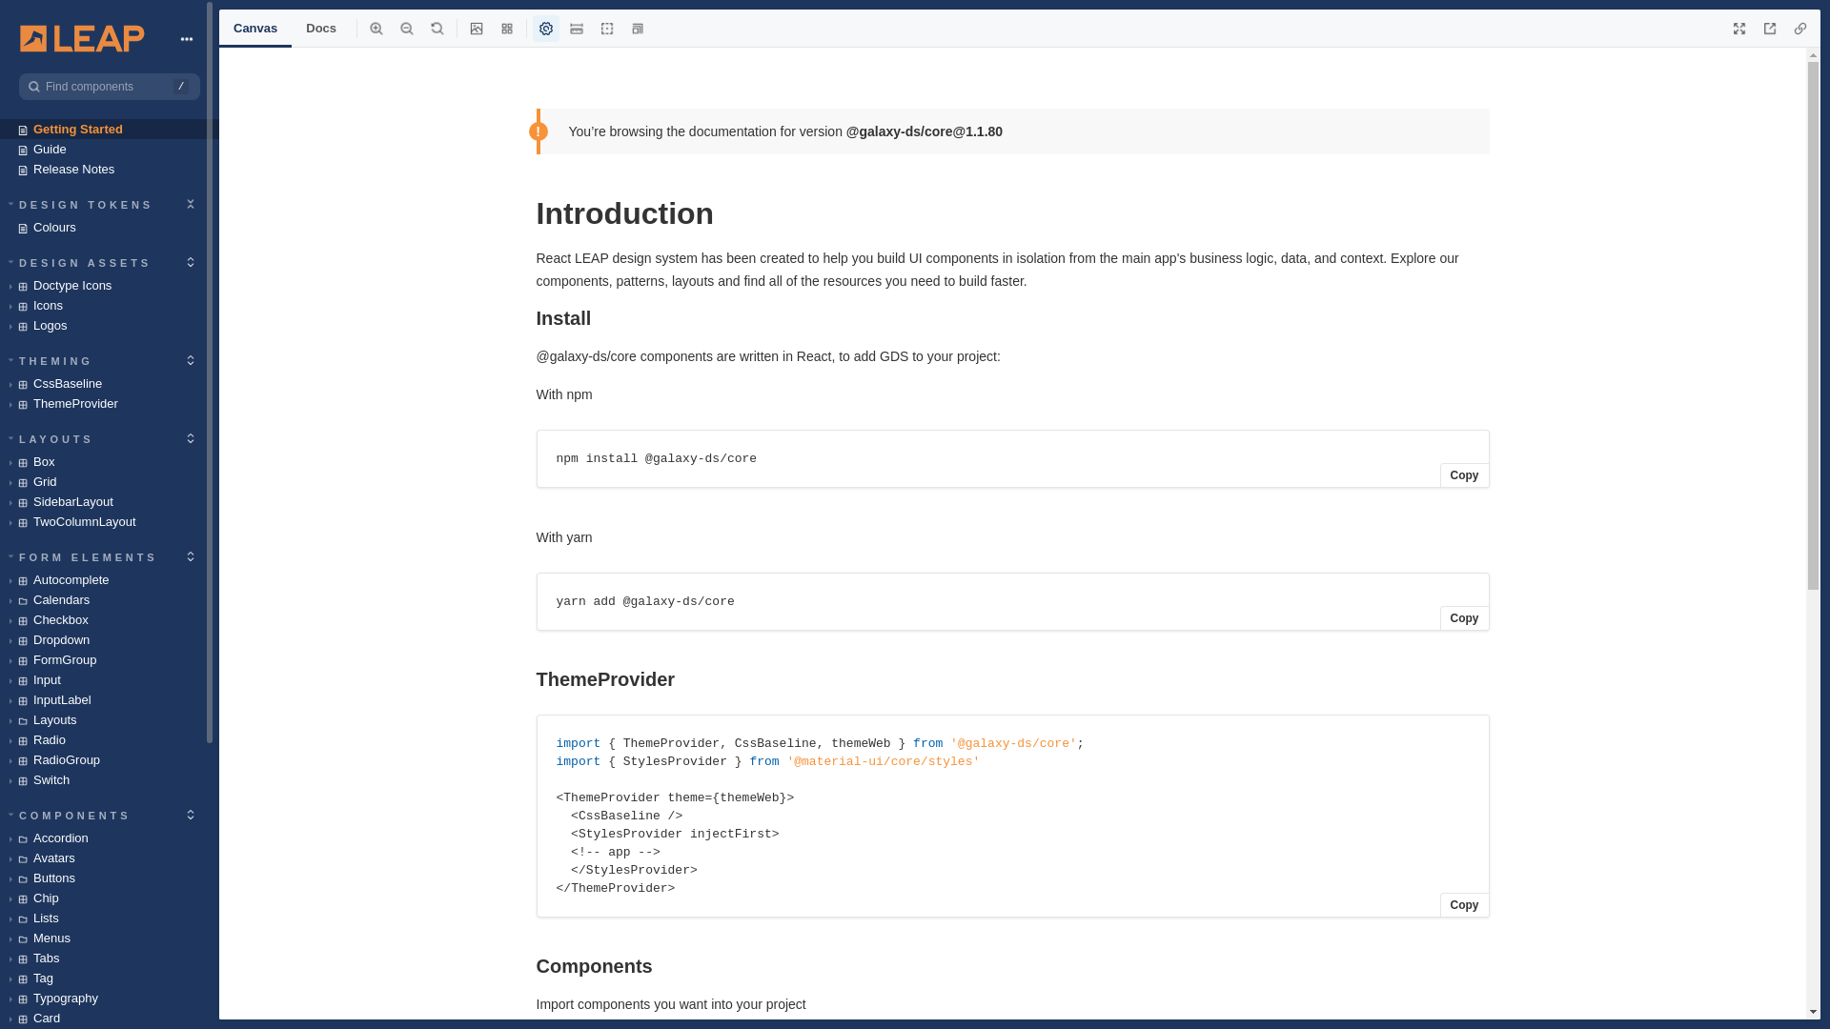 This screenshot has height=1029, width=1830. Describe the element at coordinates (406, 29) in the screenshot. I see `'Zoom out'` at that location.